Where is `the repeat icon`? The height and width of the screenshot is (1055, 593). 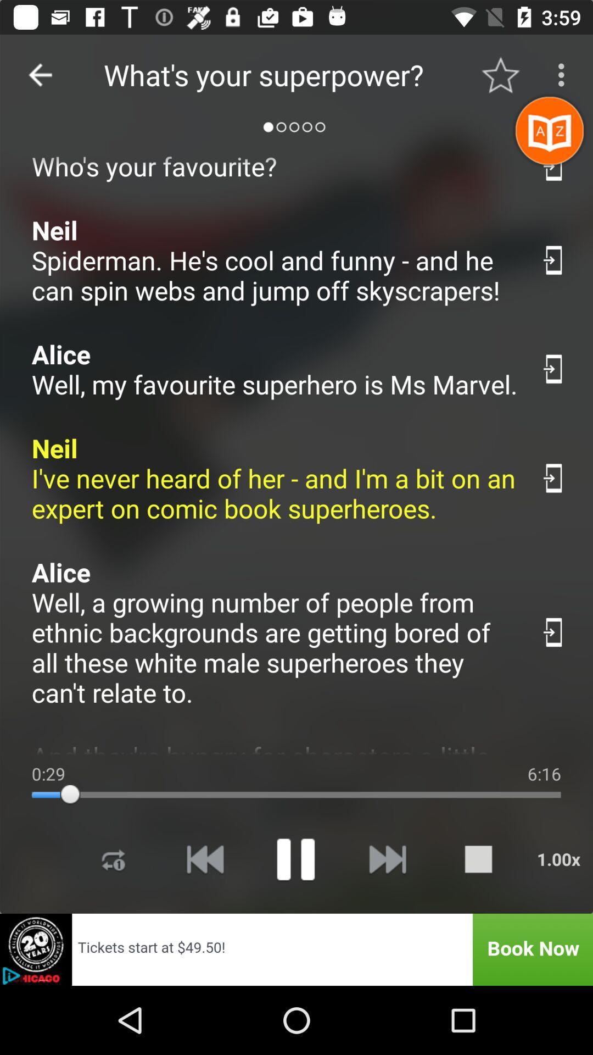 the repeat icon is located at coordinates (114, 858).